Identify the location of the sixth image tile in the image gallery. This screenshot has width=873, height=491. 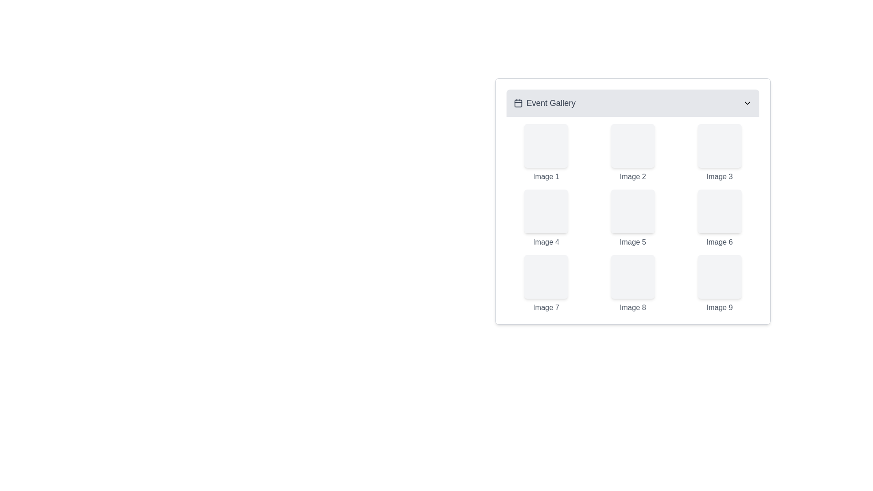
(719, 219).